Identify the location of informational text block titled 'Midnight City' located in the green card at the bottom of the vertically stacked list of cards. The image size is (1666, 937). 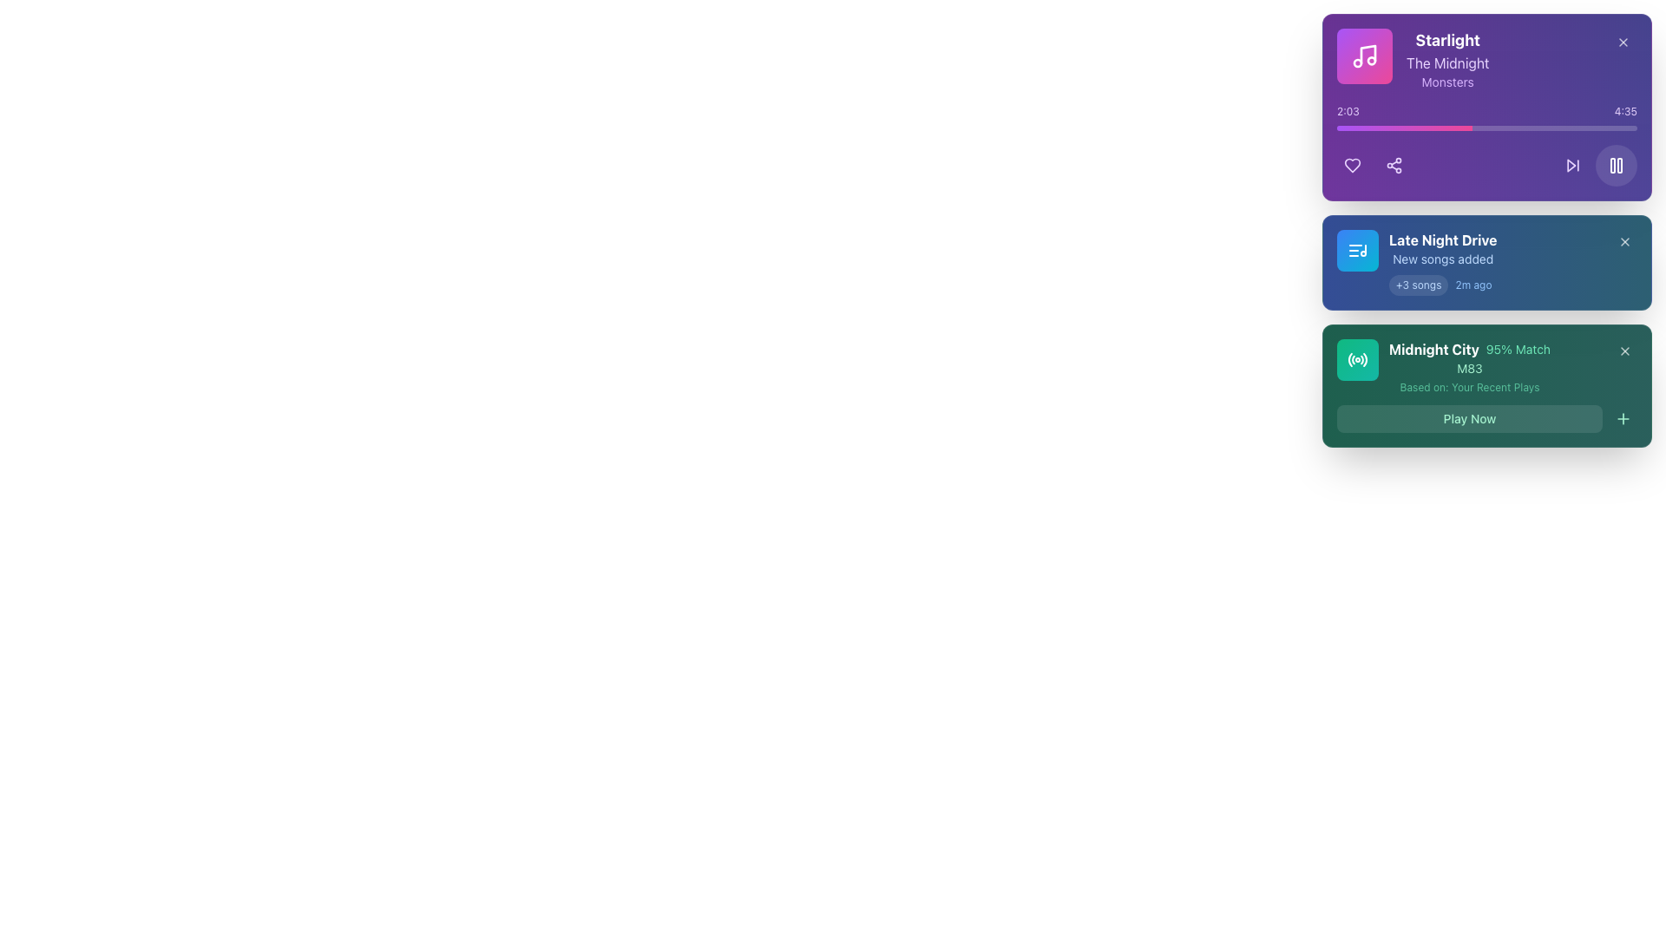
(1469, 366).